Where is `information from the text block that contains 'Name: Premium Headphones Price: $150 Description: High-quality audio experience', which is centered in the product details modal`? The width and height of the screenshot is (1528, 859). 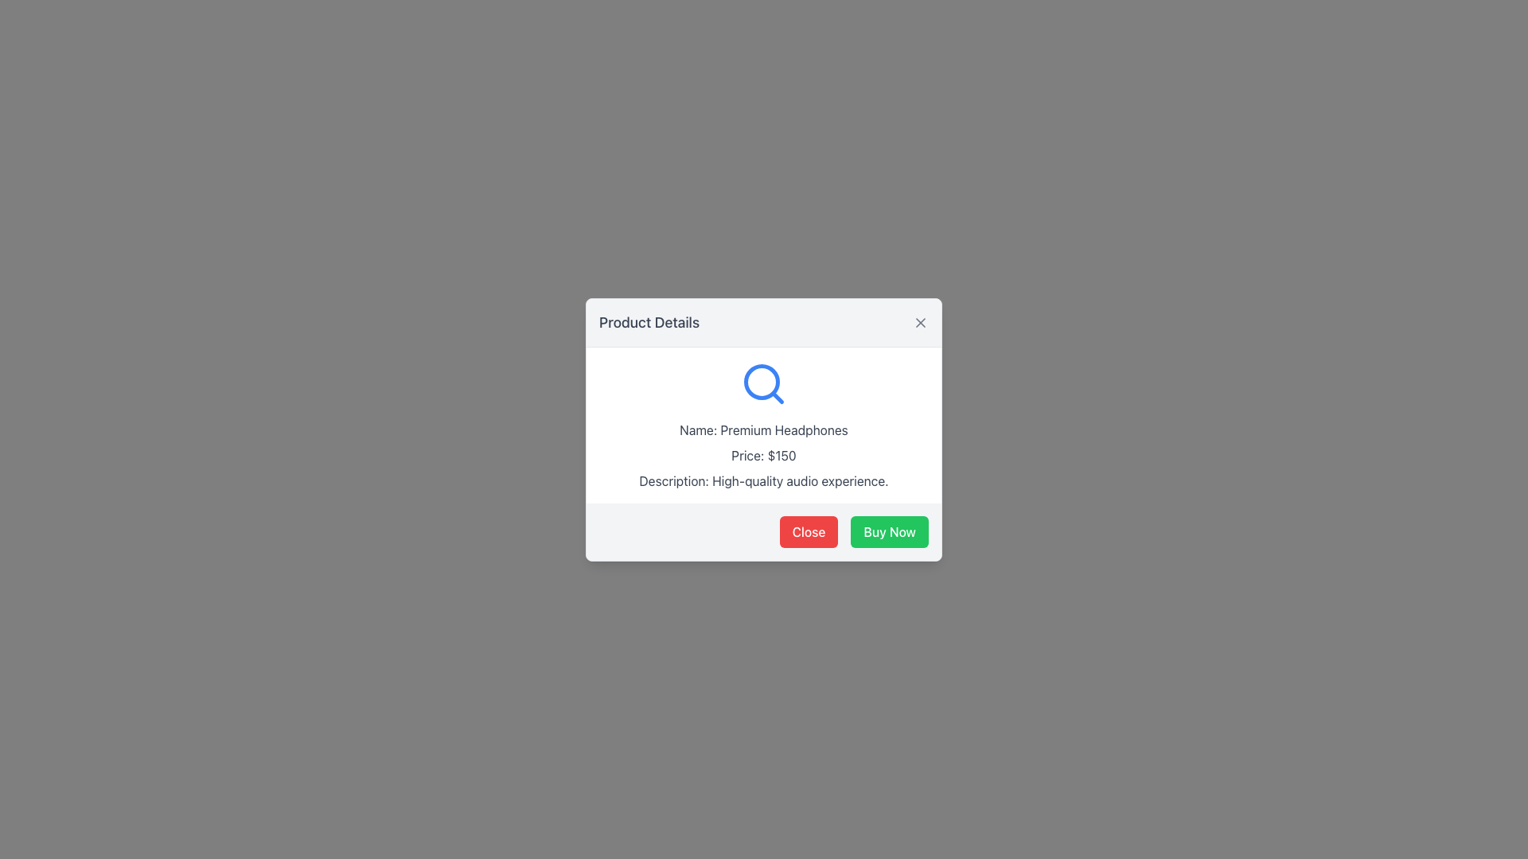
information from the text block that contains 'Name: Premium Headphones Price: $150 Description: High-quality audio experience', which is centered in the product details modal is located at coordinates (764, 424).